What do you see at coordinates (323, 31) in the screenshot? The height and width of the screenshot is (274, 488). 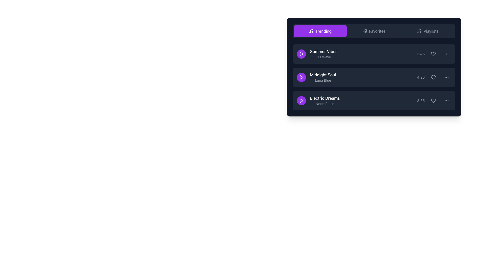 I see `the 'Trending' text label within the highlighted navigation button, which has a purple background and white text, located at the top of the music playlist interface` at bounding box center [323, 31].